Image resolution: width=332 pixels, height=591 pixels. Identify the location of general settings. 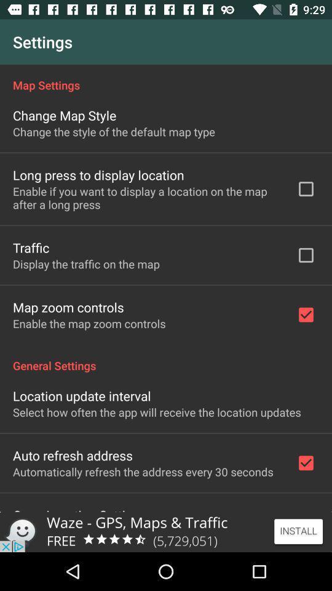
(166, 359).